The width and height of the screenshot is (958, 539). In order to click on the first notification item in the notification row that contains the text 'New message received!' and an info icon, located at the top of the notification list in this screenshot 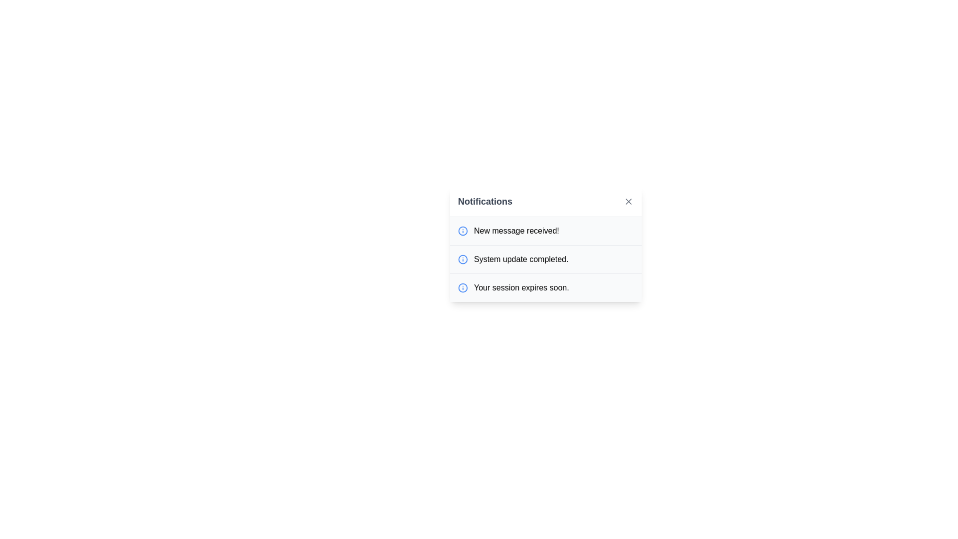, I will do `click(545, 231)`.